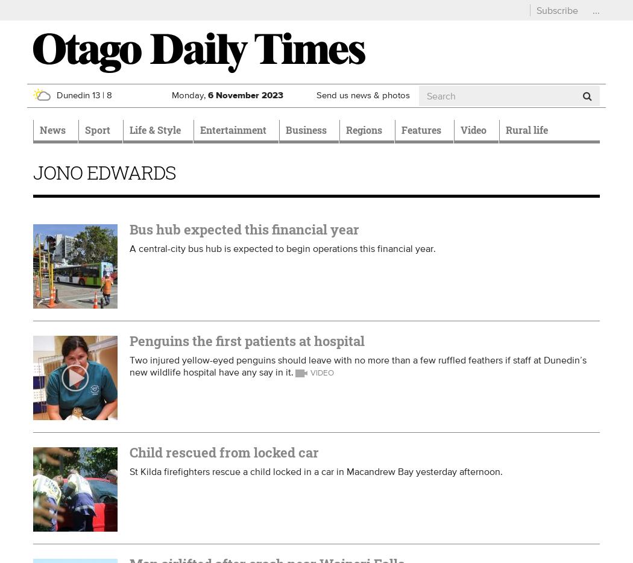 The height and width of the screenshot is (563, 633). What do you see at coordinates (315, 471) in the screenshot?
I see `'St Kilda firefighters rescue a child locked in a car in Macandrew Bay yesterday afternoon.'` at bounding box center [315, 471].